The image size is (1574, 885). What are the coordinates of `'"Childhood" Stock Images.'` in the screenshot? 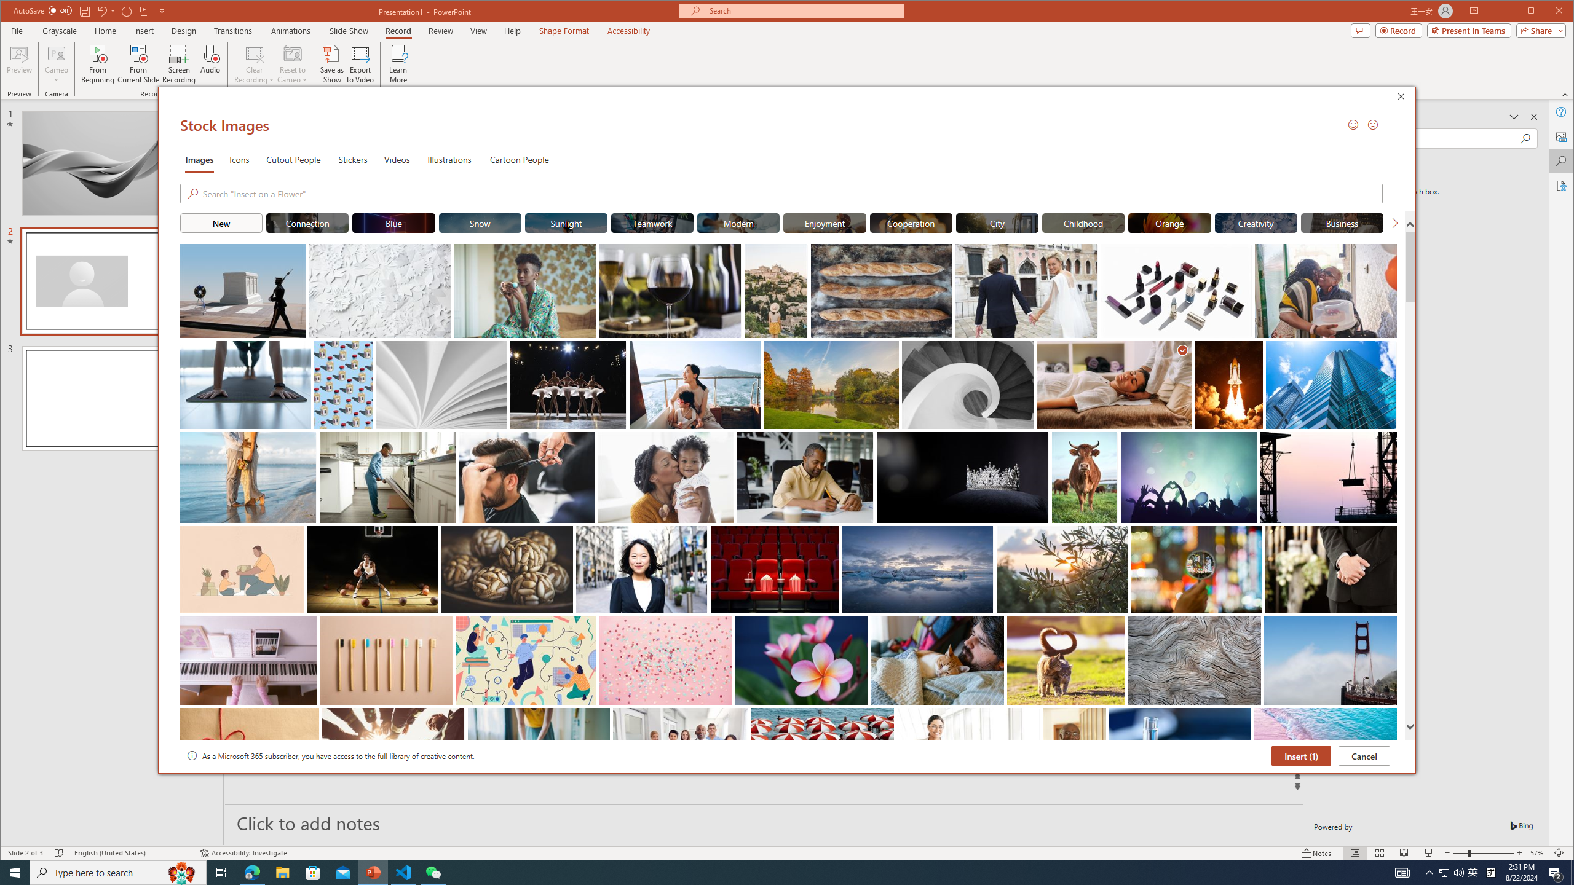 It's located at (1083, 222).